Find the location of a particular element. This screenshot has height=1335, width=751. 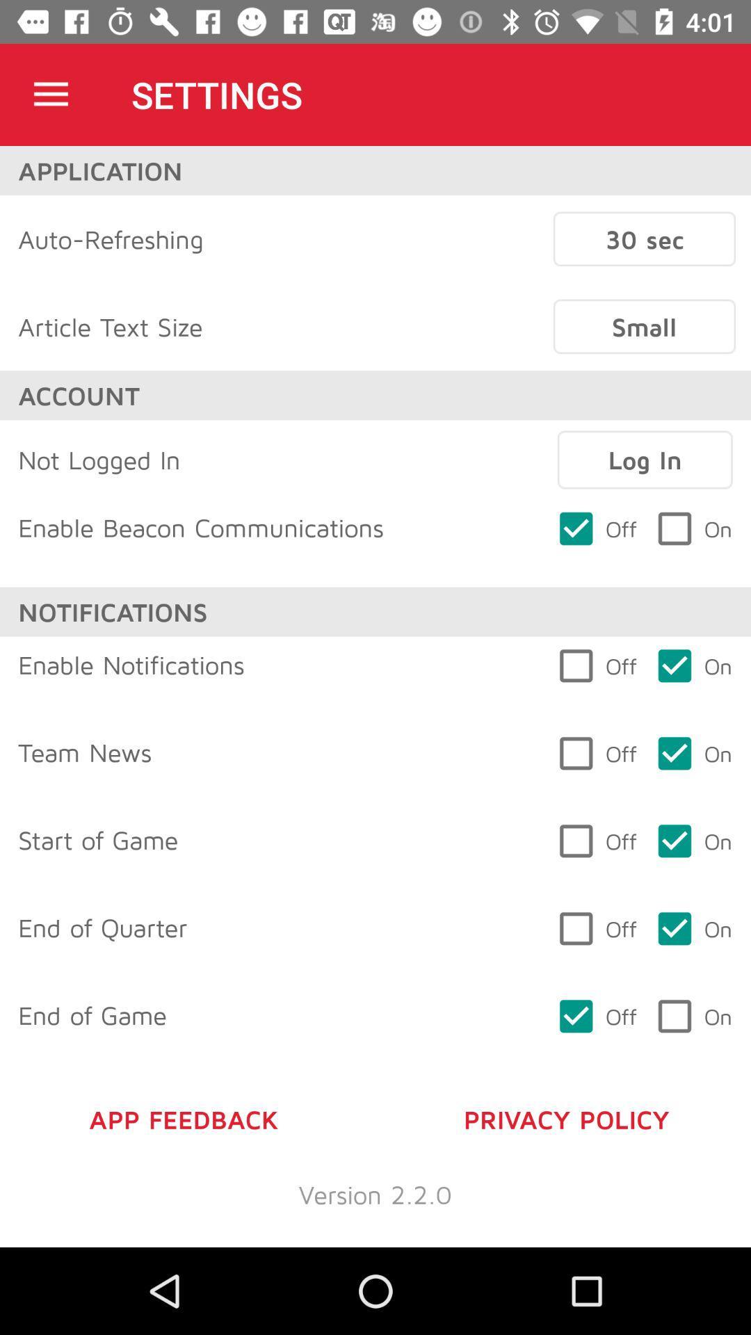

log in icon is located at coordinates (645, 460).